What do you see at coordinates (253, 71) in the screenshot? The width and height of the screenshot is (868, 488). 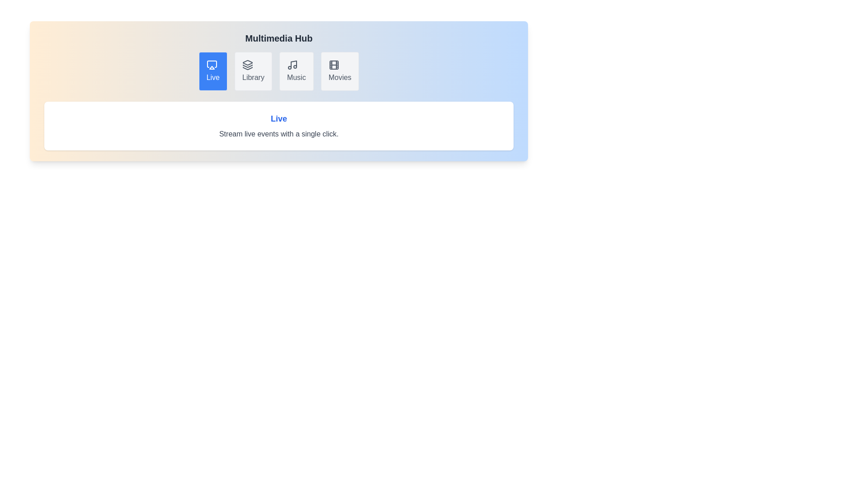 I see `the tab labeled Library` at bounding box center [253, 71].